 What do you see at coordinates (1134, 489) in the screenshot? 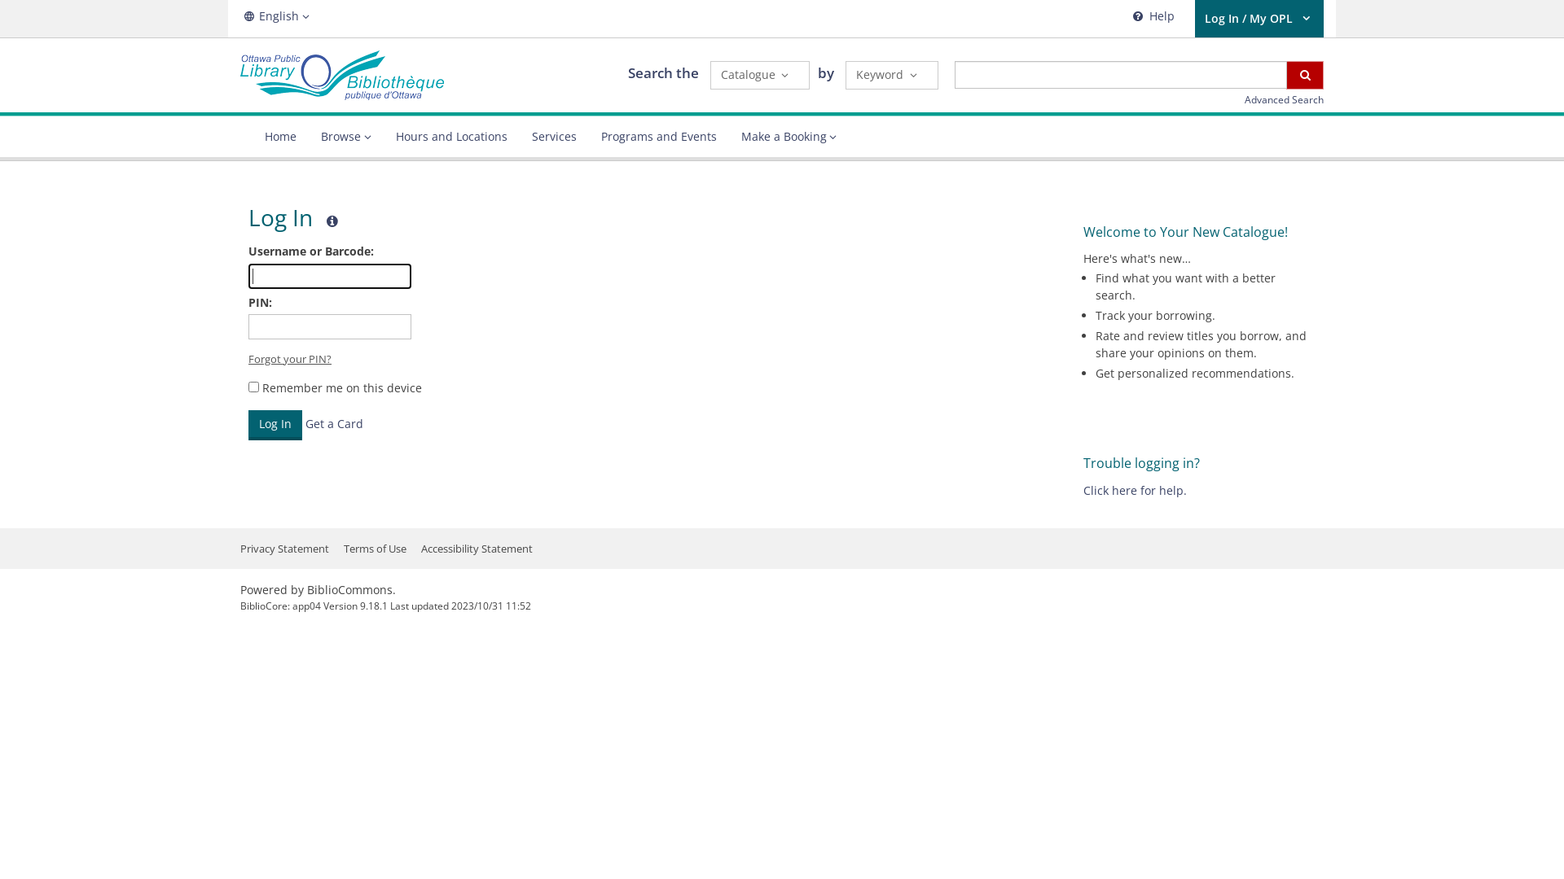
I see `'Click here for help.'` at bounding box center [1134, 489].